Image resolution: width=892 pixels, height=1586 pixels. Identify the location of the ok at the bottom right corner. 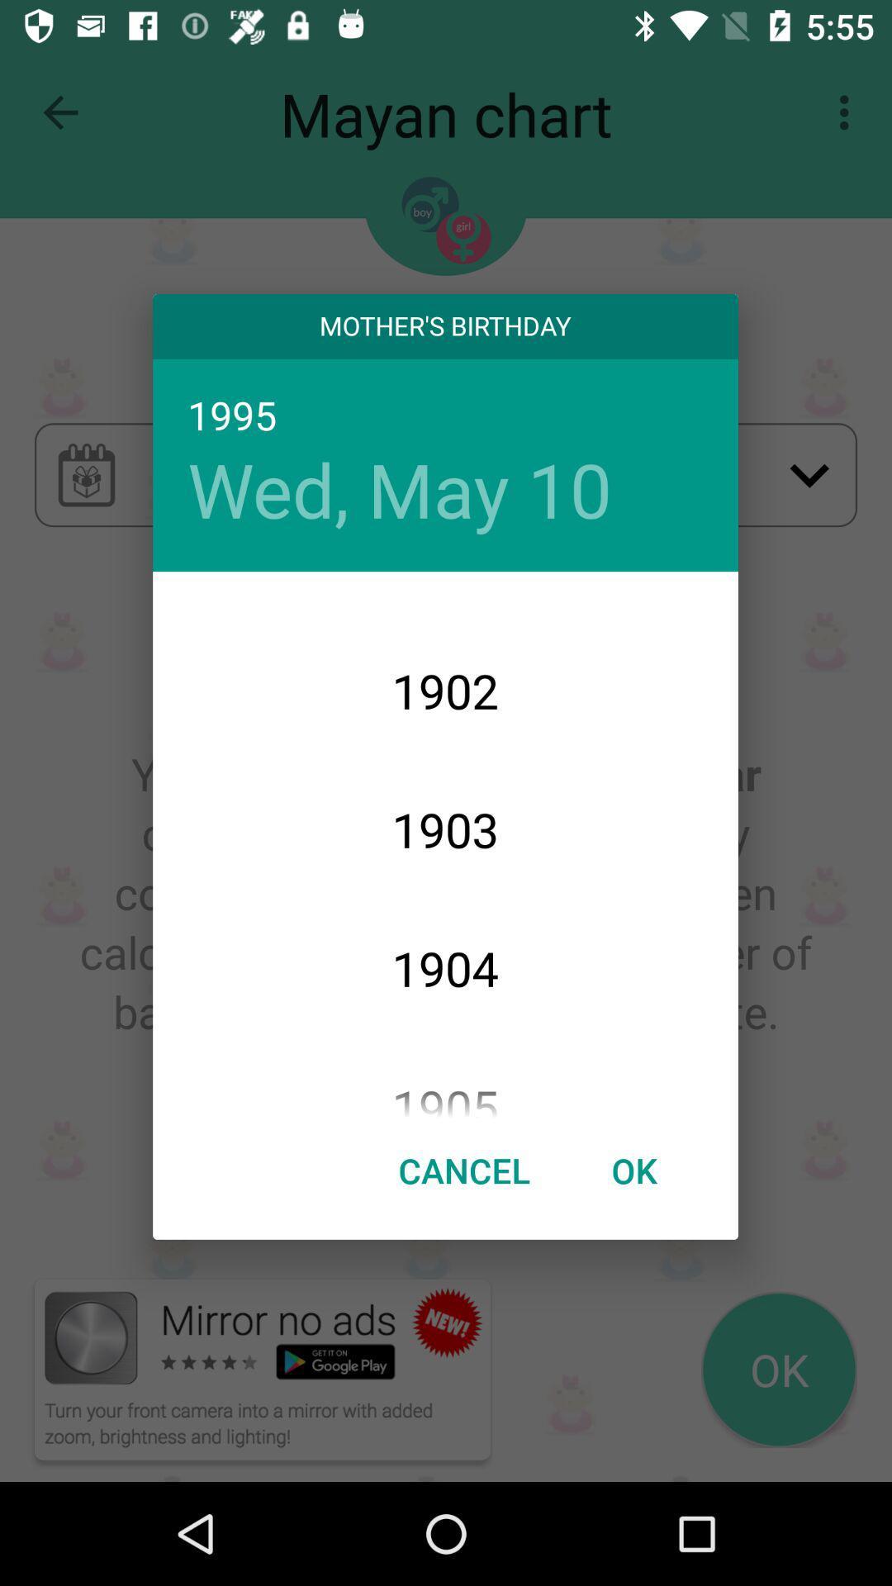
(633, 1169).